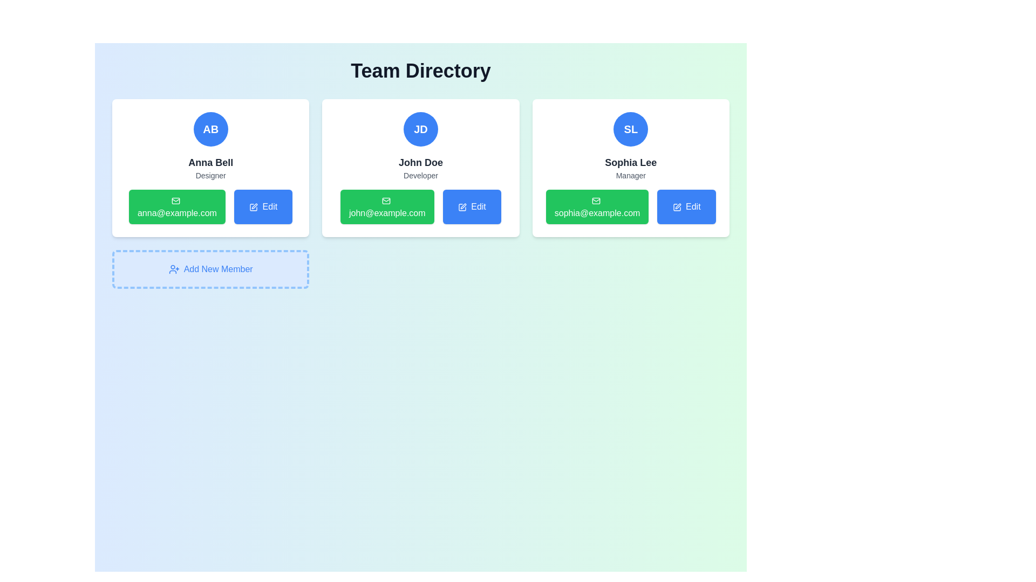 The width and height of the screenshot is (1036, 582). What do you see at coordinates (386, 200) in the screenshot?
I see `the mail icon represented by an envelope inside the green button labeled 'john@example.com', which is located below the profile for 'John Doe' in the second card from the left in the top row` at bounding box center [386, 200].